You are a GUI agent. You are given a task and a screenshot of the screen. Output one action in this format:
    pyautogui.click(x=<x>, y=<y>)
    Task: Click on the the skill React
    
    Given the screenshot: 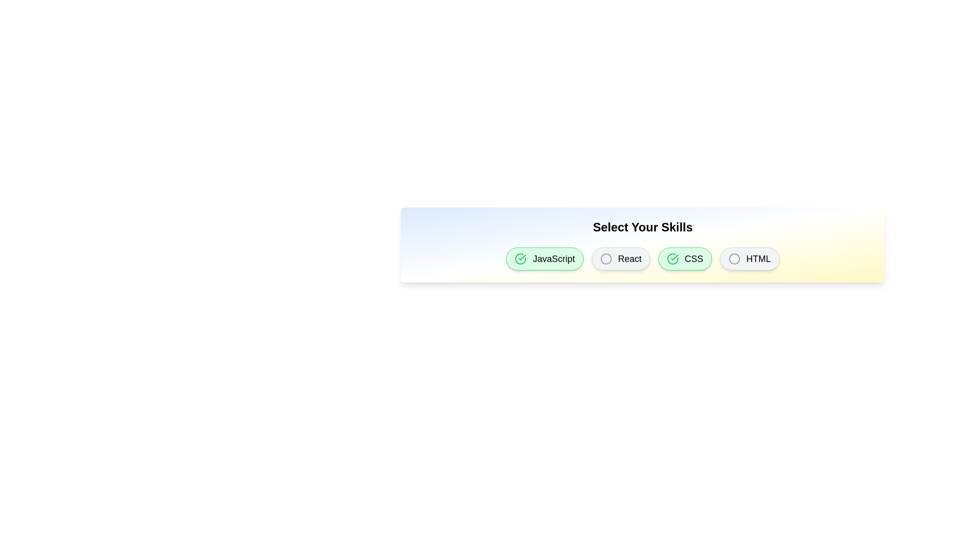 What is the action you would take?
    pyautogui.click(x=620, y=258)
    